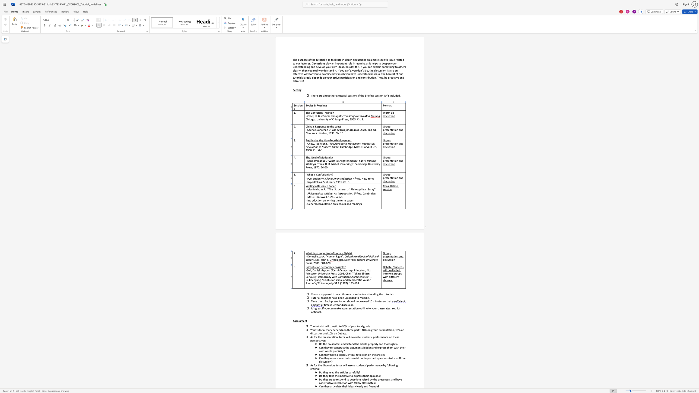 The image size is (699, 393). Describe the element at coordinates (379, 308) in the screenshot. I see `the space between the continuous character "c" and "l" in the text` at that location.